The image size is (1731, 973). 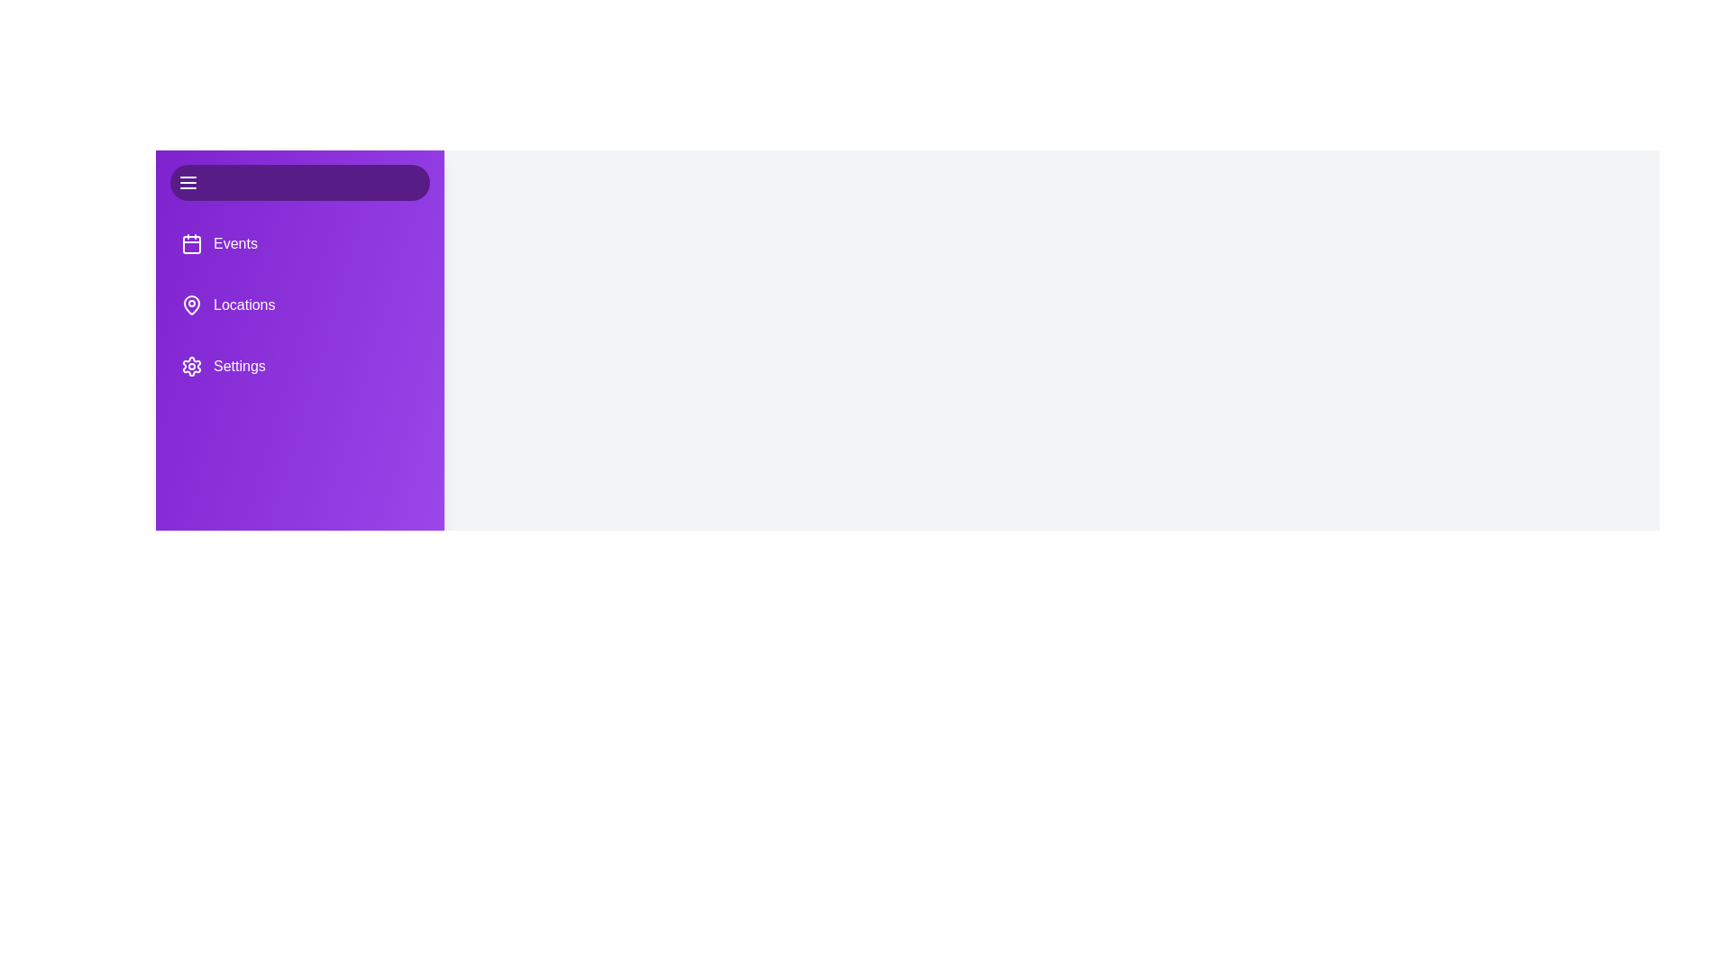 What do you see at coordinates (299, 243) in the screenshot?
I see `the menu item Events to observe its interactivity` at bounding box center [299, 243].